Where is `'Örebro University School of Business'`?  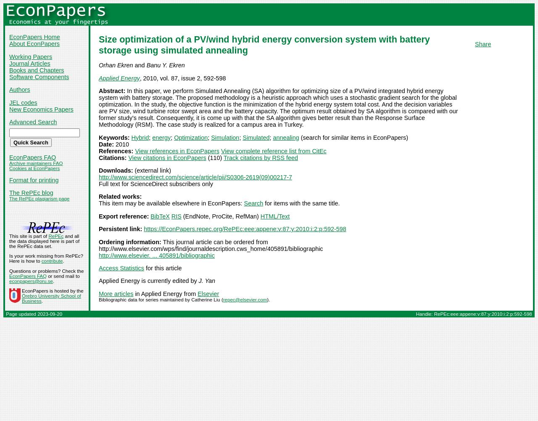
'Örebro University School of Business' is located at coordinates (21, 298).